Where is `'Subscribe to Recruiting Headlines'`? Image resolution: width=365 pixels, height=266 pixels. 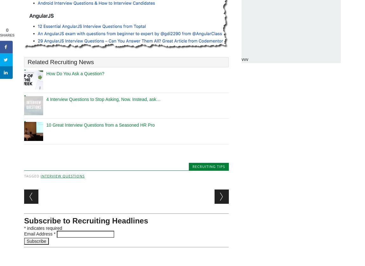 'Subscribe to Recruiting Headlines' is located at coordinates (86, 220).